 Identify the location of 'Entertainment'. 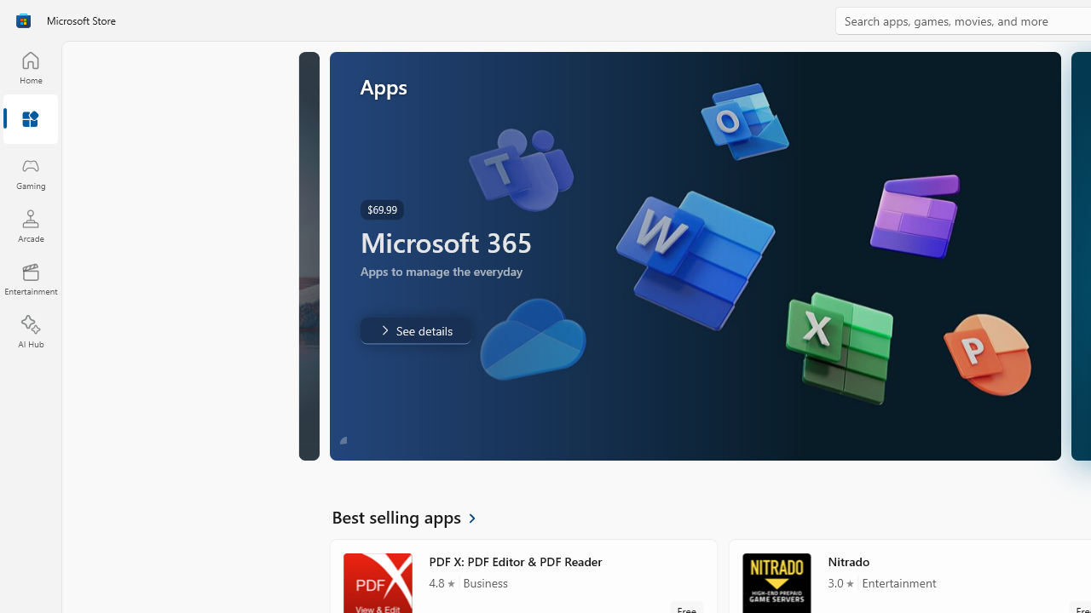
(30, 278).